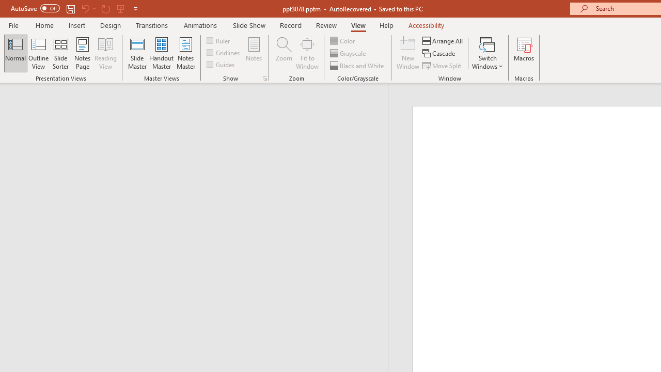 The width and height of the screenshot is (661, 372). What do you see at coordinates (221, 64) in the screenshot?
I see `'Guides'` at bounding box center [221, 64].